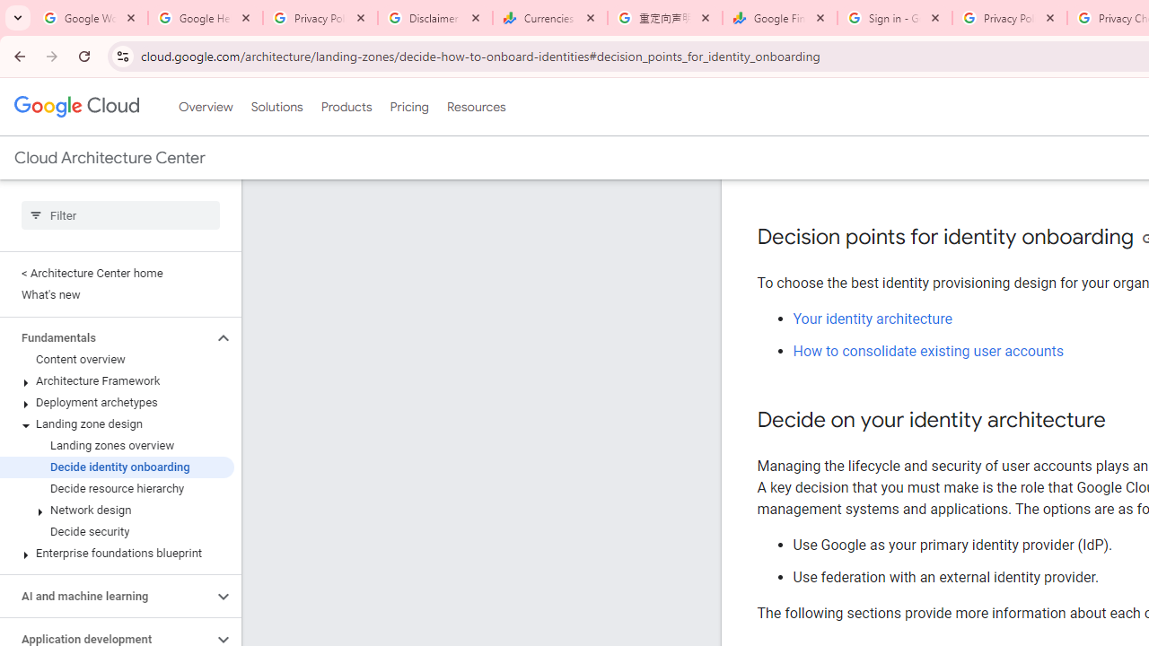 The image size is (1149, 646). I want to click on '< Architecture Center home', so click(116, 273).